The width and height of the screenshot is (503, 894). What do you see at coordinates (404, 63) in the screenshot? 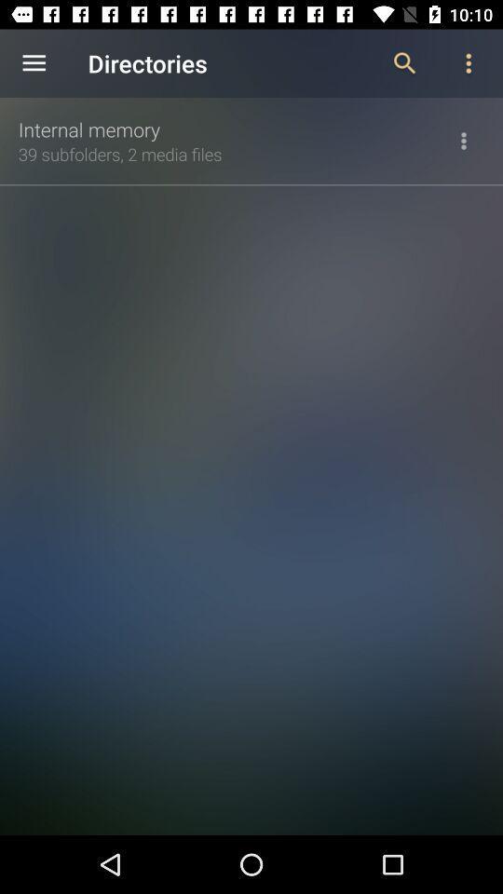
I see `the item next to the directories icon` at bounding box center [404, 63].